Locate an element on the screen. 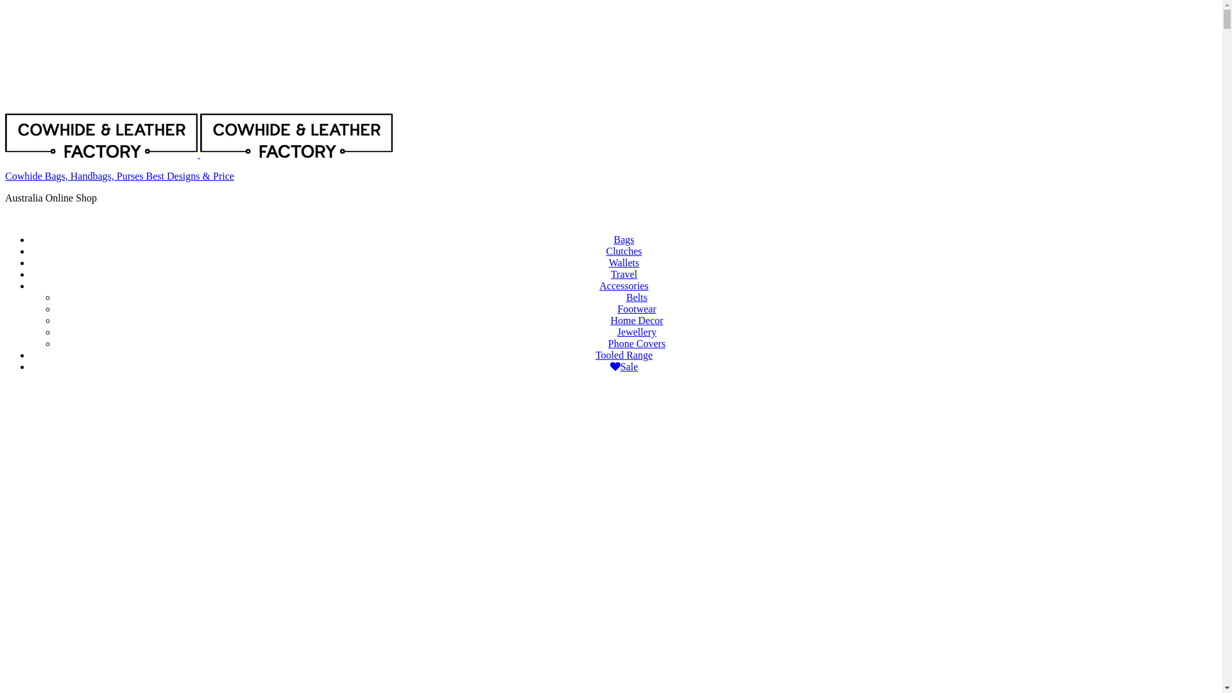  'Accessories' is located at coordinates (623, 285).